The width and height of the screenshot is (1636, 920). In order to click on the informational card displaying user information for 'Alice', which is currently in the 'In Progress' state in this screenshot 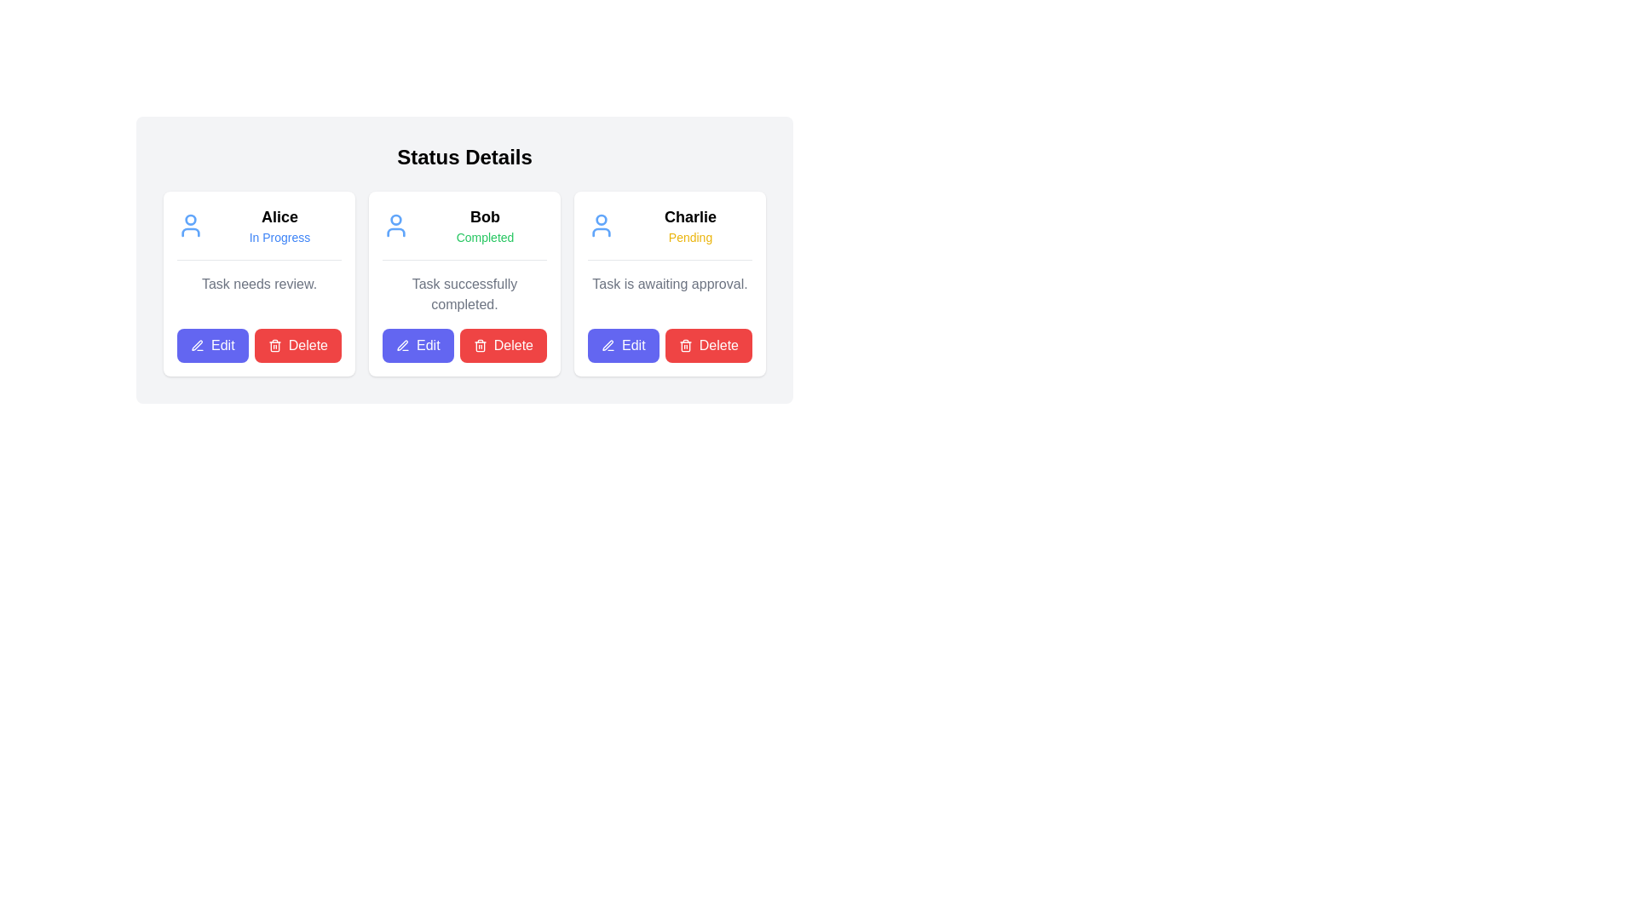, I will do `click(258, 233)`.